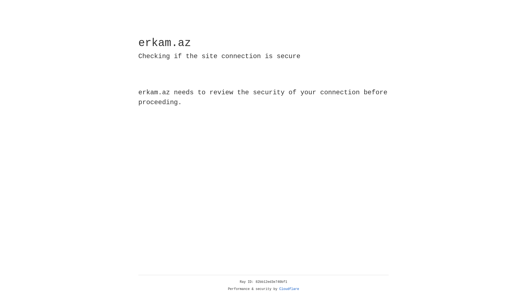  I want to click on 'Cloudflare', so click(289, 289).